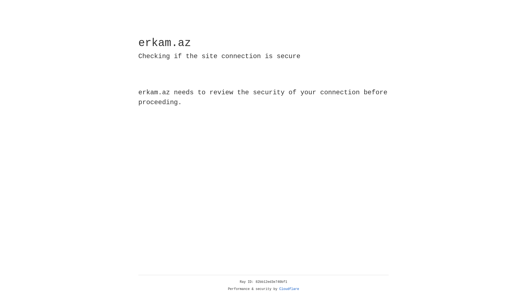  I want to click on 'Cloudflare', so click(289, 289).